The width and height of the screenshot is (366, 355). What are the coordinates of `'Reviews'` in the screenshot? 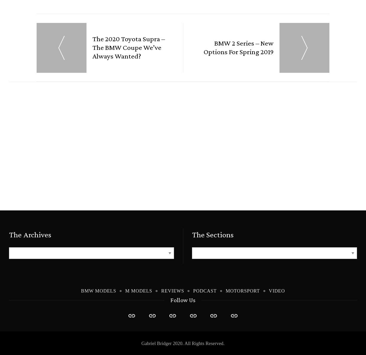 It's located at (161, 292).